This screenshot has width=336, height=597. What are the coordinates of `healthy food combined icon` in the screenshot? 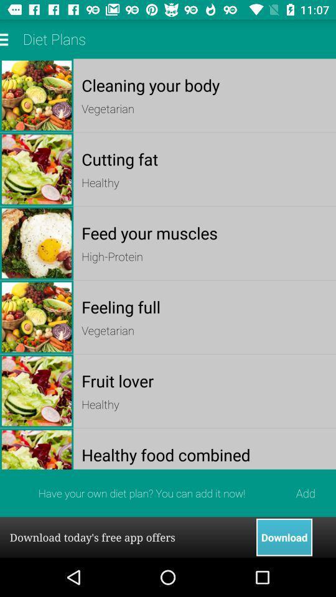 It's located at (205, 454).